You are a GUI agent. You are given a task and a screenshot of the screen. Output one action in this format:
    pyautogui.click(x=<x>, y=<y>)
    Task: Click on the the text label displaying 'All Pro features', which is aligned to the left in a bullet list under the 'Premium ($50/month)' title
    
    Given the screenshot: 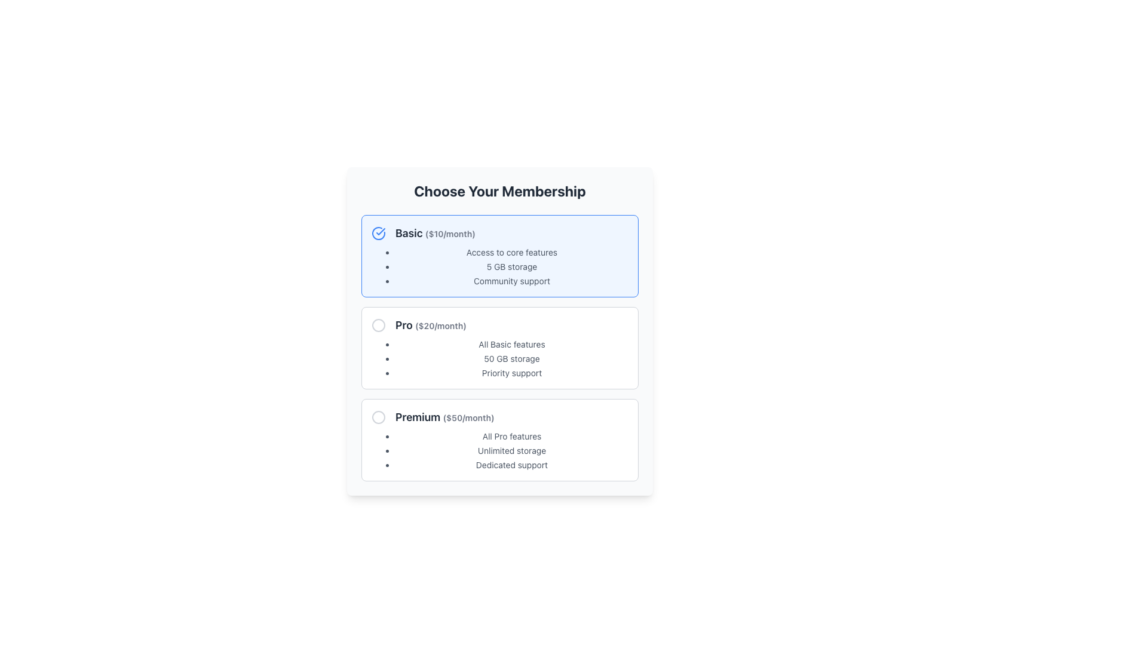 What is the action you would take?
    pyautogui.click(x=512, y=437)
    